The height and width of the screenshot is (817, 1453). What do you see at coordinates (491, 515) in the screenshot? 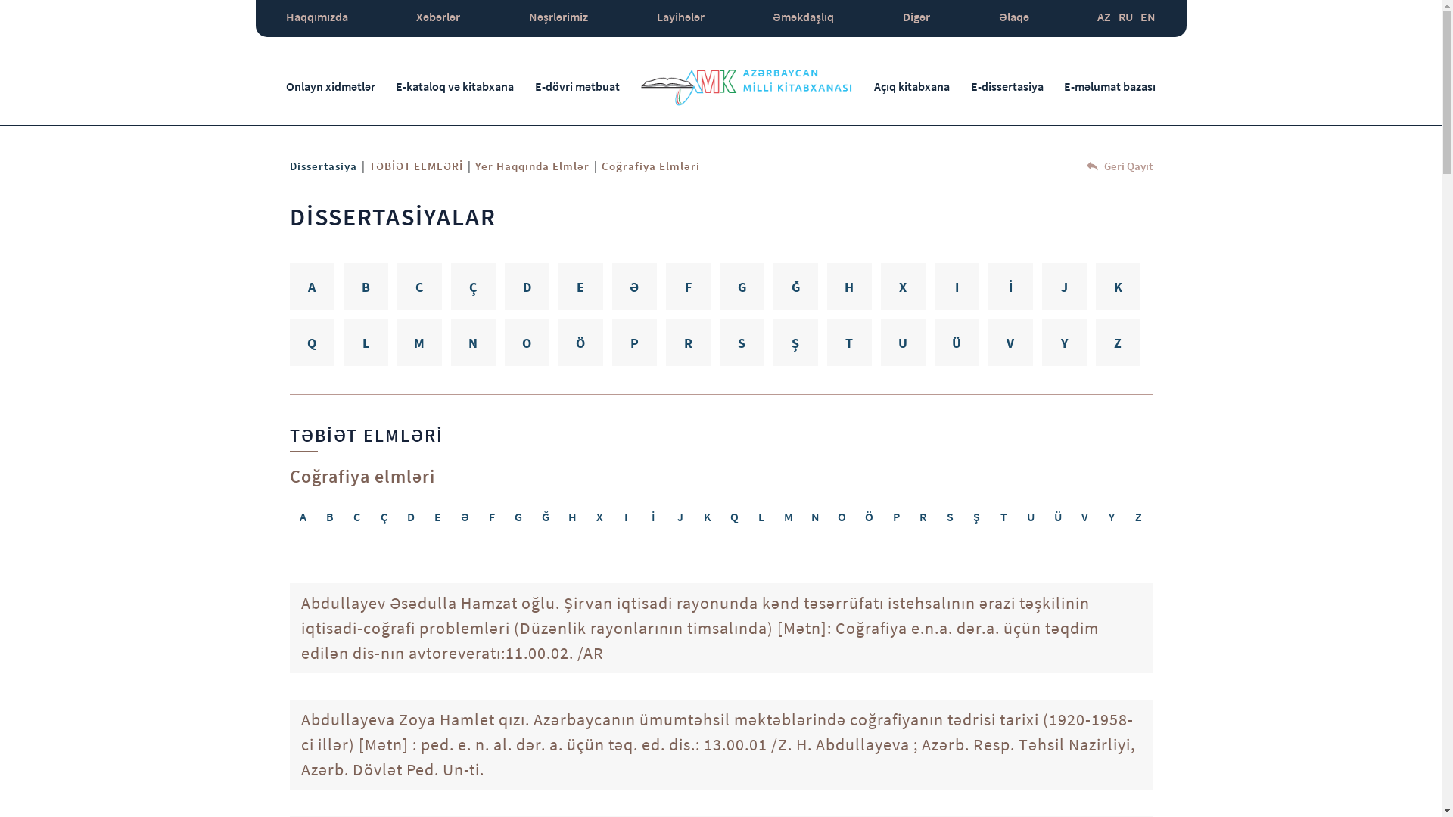
I see `'F'` at bounding box center [491, 515].